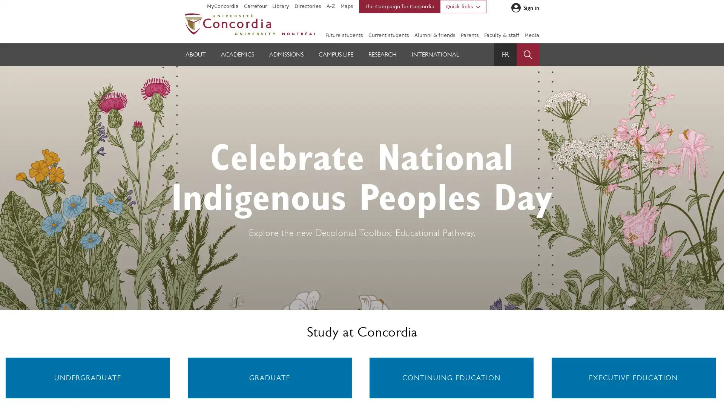  What do you see at coordinates (382, 54) in the screenshot?
I see `RESEARCH` at bounding box center [382, 54].